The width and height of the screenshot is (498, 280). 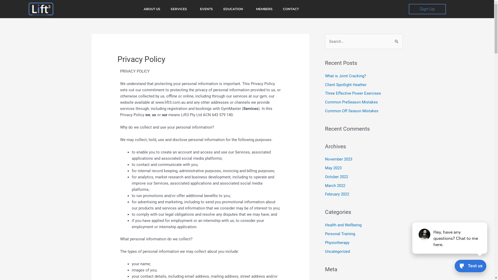 I want to click on 'Uncategorized', so click(x=337, y=251).